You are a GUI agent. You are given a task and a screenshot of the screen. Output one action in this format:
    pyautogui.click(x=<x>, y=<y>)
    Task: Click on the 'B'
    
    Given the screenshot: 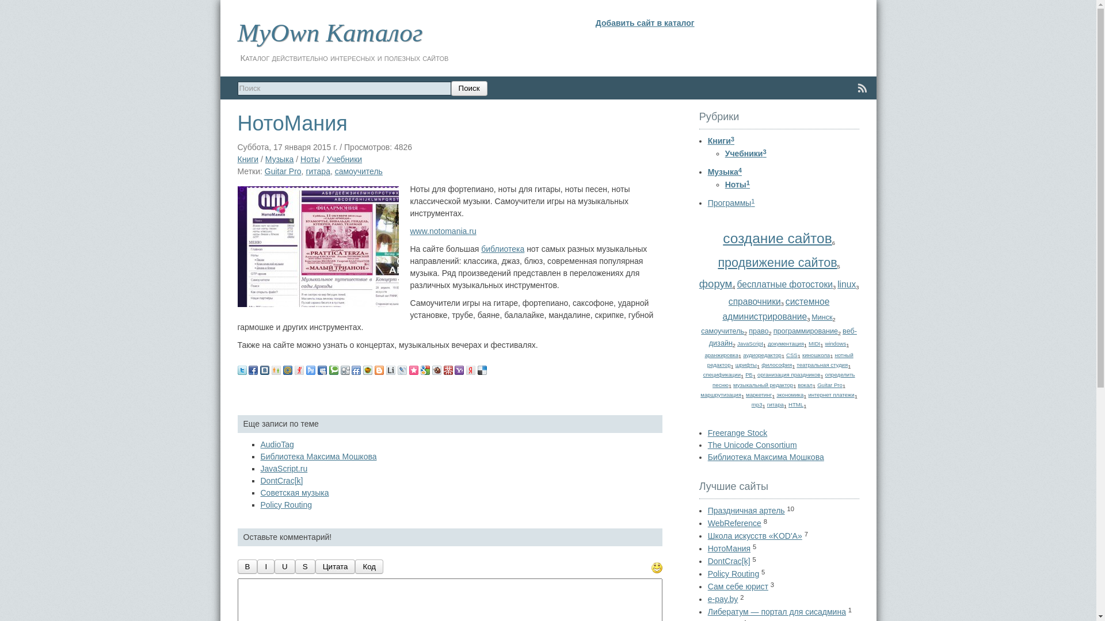 What is the action you would take?
    pyautogui.click(x=246, y=566)
    